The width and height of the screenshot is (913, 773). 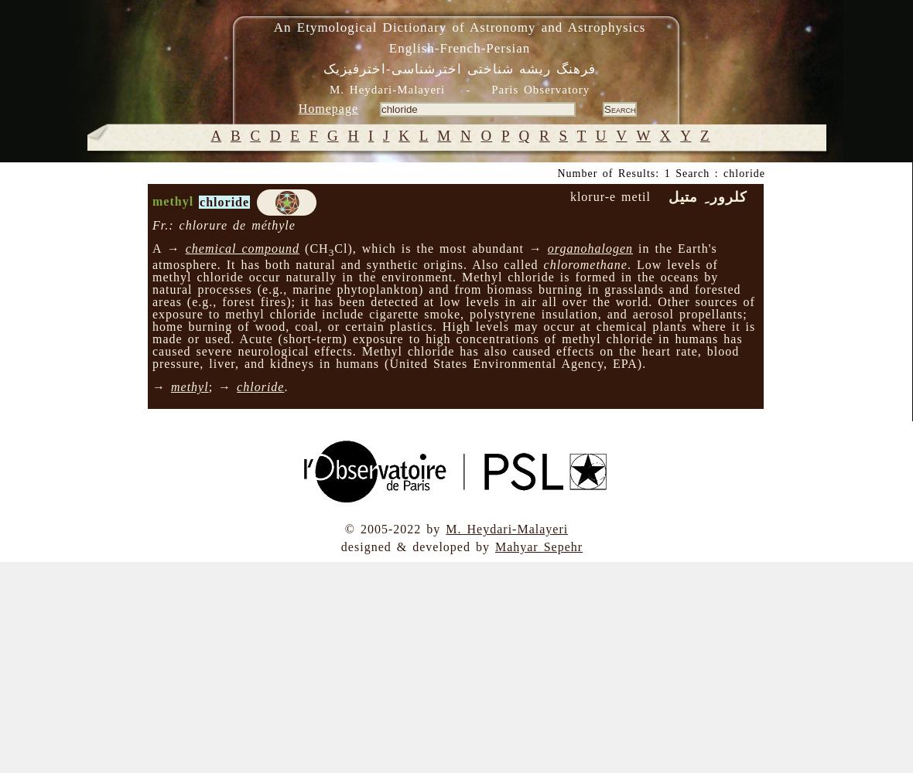 I want to click on 'U', so click(x=600, y=135).